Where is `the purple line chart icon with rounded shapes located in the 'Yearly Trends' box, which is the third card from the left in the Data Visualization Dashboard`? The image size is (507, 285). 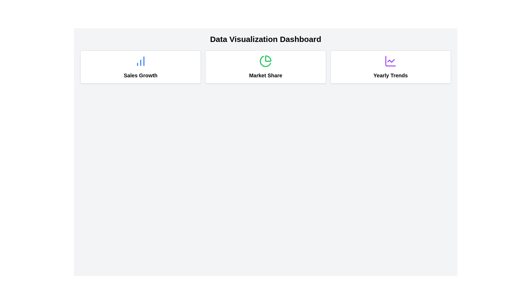
the purple line chart icon with rounded shapes located in the 'Yearly Trends' box, which is the third card from the left in the Data Visualization Dashboard is located at coordinates (391, 61).